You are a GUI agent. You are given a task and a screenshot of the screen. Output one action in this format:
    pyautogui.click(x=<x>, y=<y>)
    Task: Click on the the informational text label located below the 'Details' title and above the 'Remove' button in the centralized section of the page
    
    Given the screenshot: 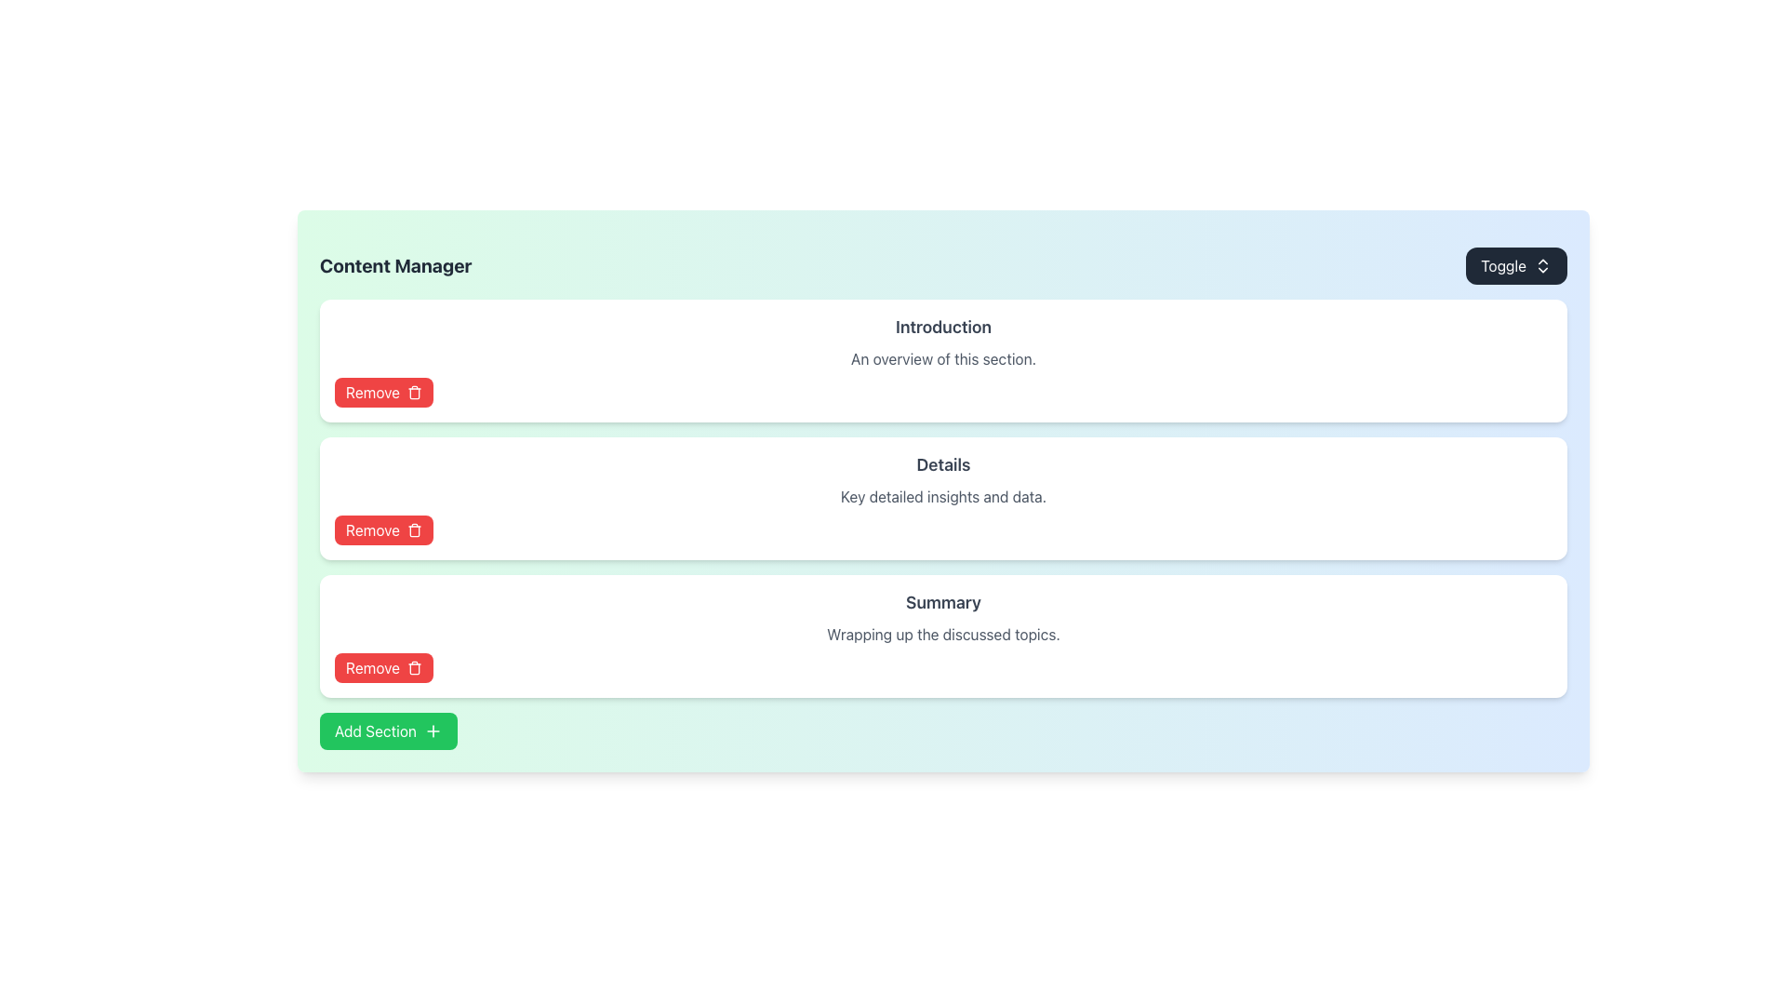 What is the action you would take?
    pyautogui.click(x=943, y=495)
    